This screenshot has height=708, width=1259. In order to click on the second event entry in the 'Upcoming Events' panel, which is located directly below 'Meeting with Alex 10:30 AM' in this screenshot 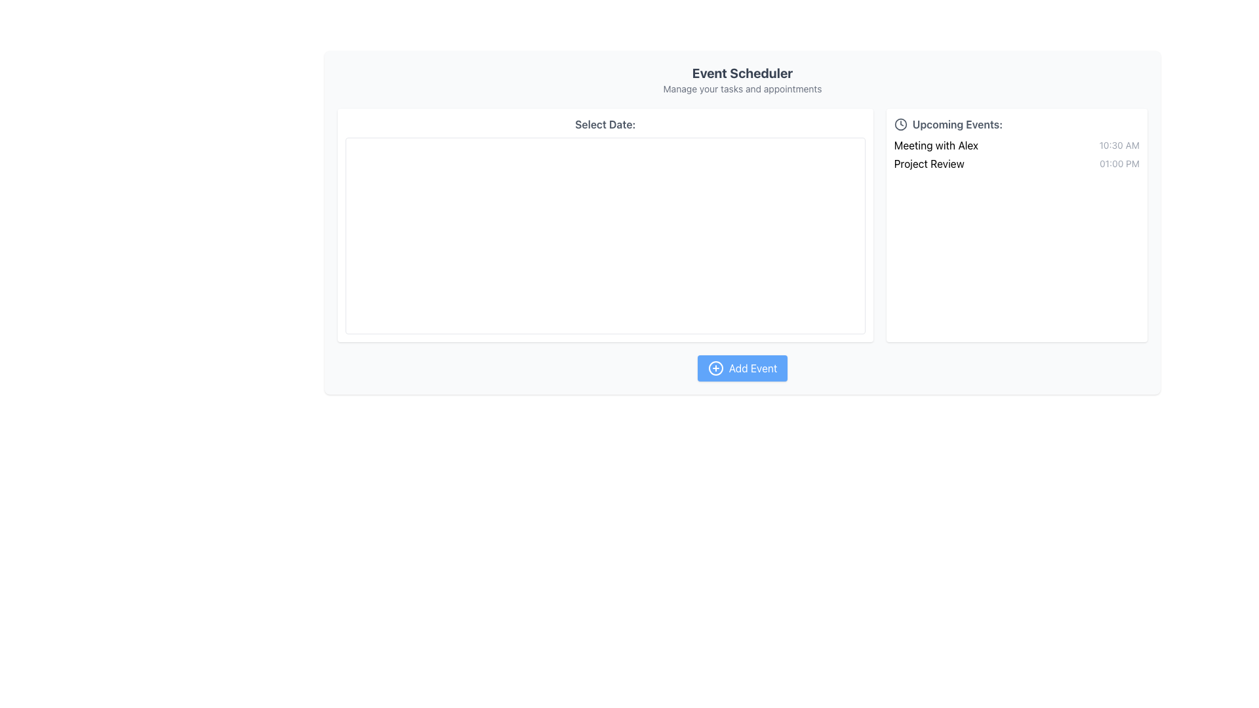, I will do `click(1016, 163)`.